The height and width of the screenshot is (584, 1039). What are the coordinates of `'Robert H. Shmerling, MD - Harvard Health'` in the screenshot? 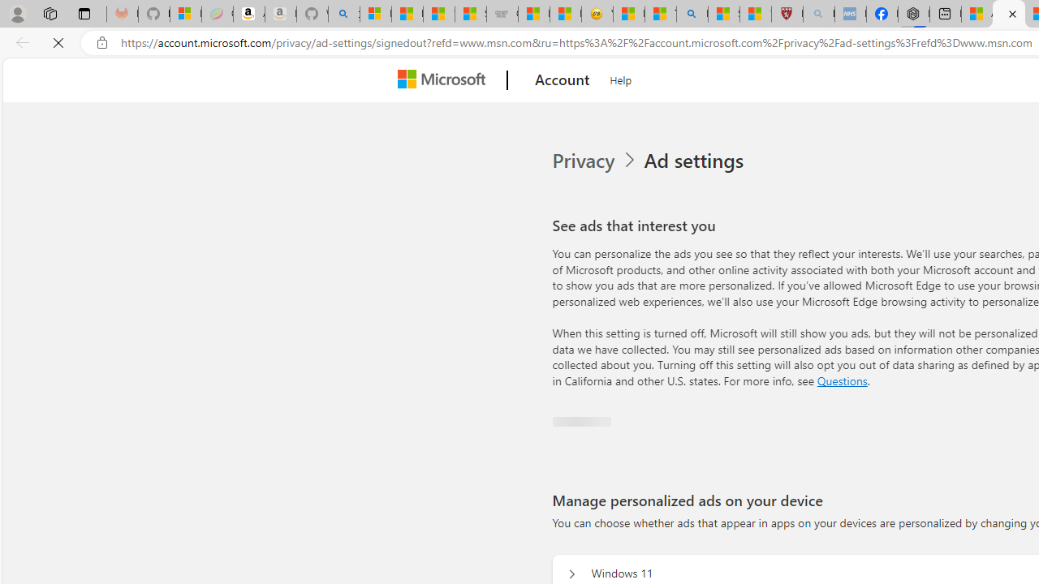 It's located at (787, 14).